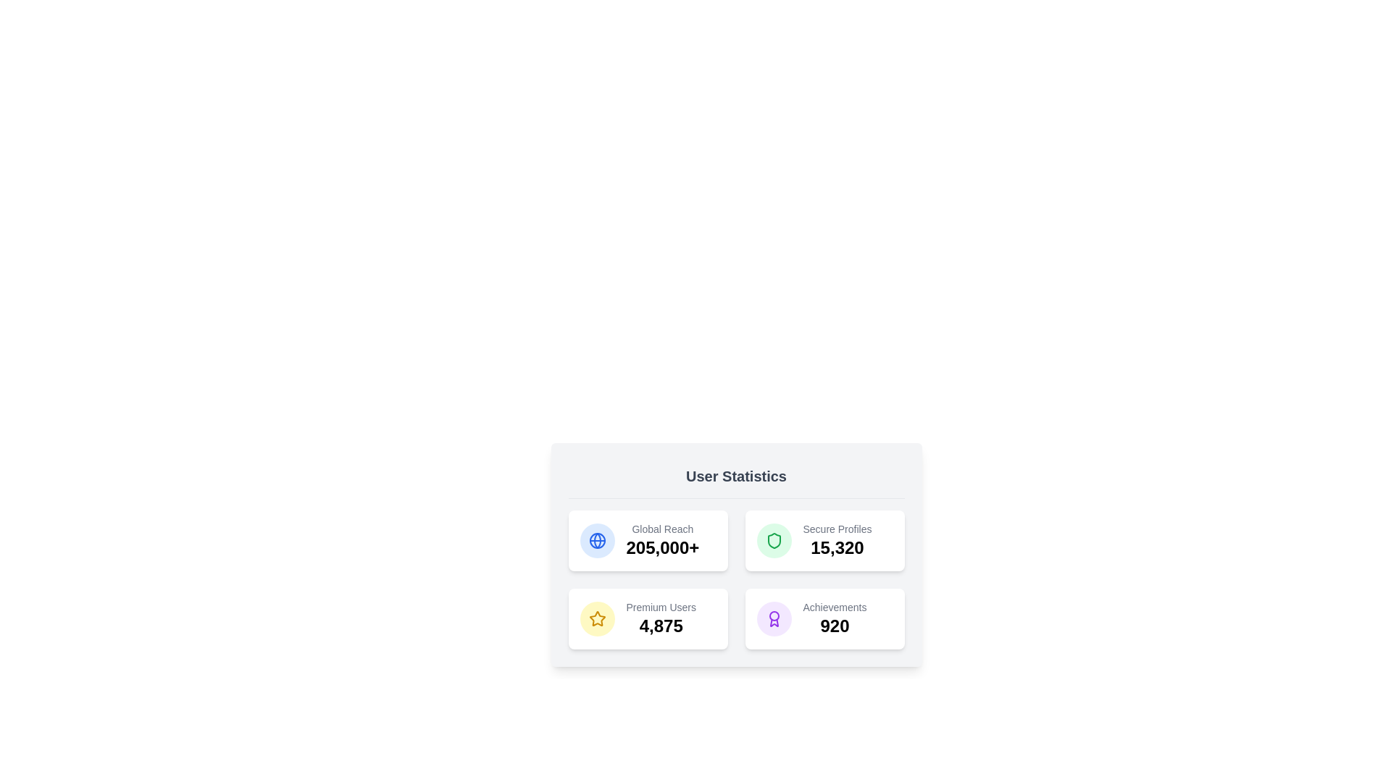  I want to click on the circular icon with a blue border resembling a globe, located in the top left card of the 'User Statistics' panel, for accessibility purposes, so click(597, 541).